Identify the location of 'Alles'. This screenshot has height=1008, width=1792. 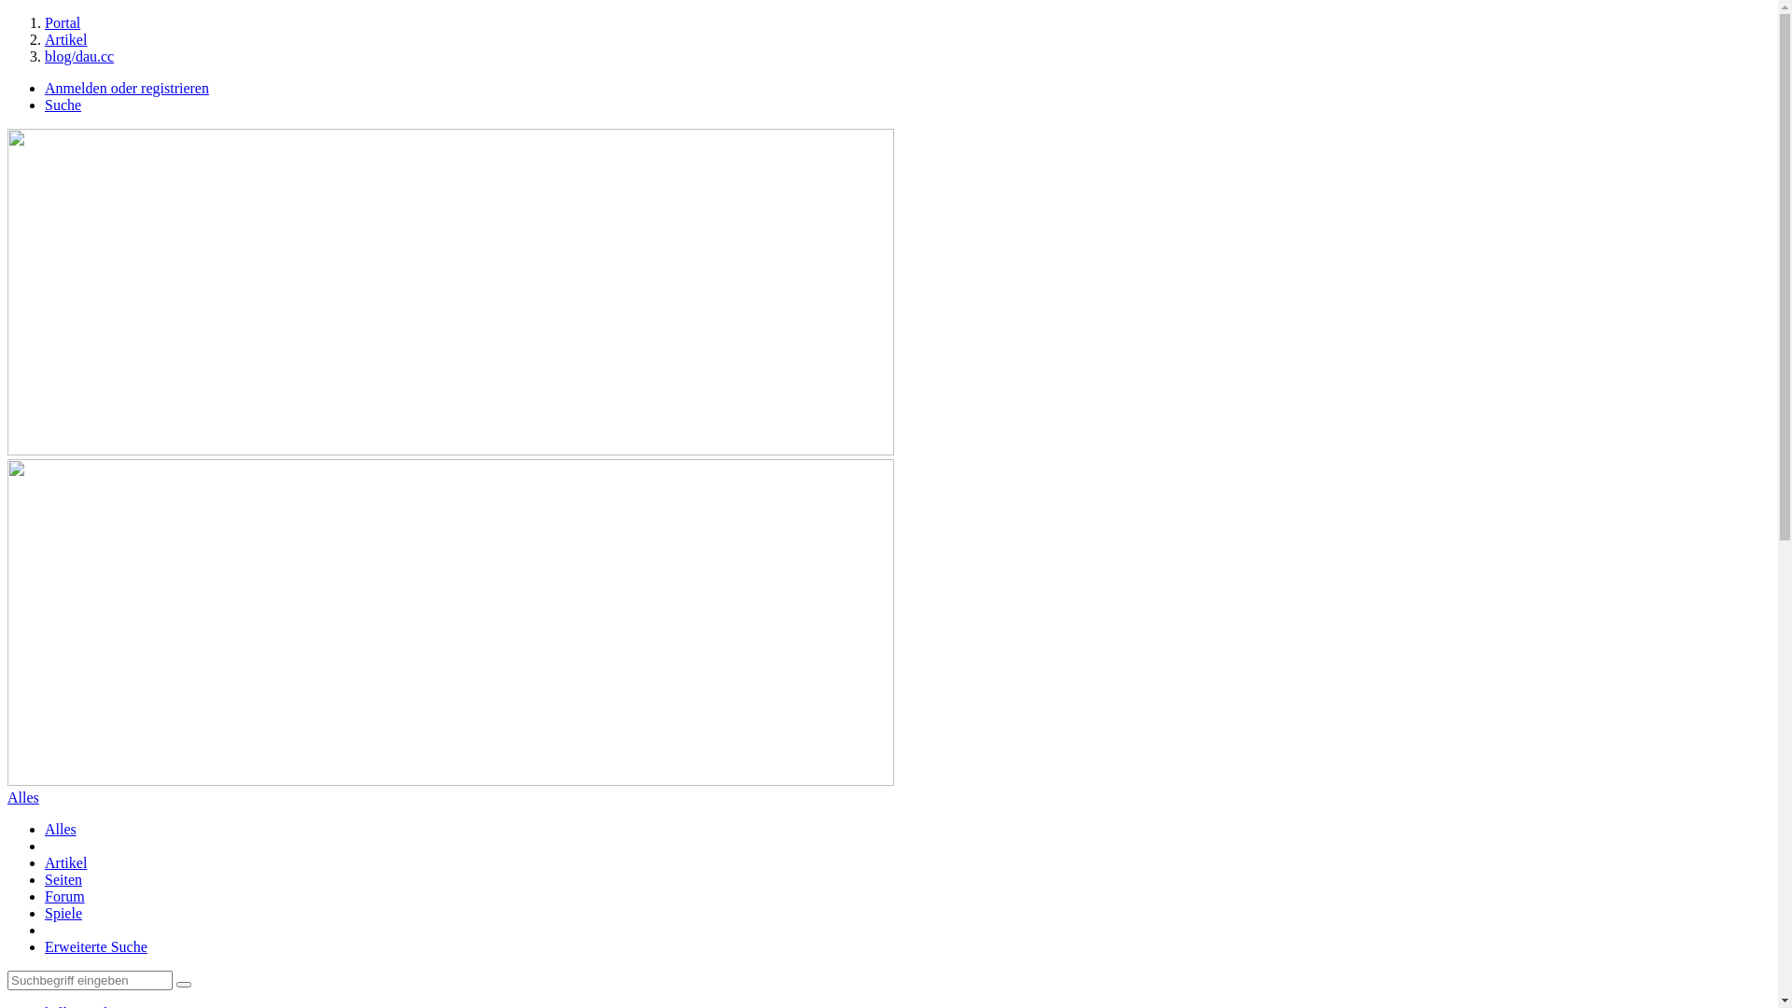
(61, 828).